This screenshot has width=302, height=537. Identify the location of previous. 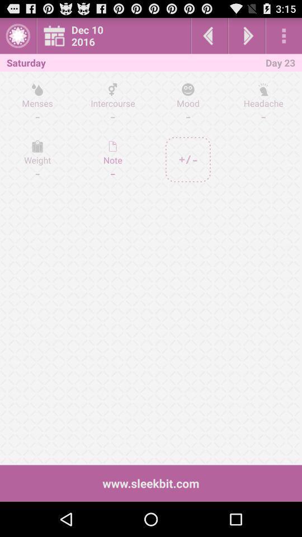
(209, 35).